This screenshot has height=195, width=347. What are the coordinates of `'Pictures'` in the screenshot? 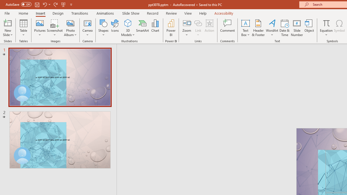 It's located at (40, 28).